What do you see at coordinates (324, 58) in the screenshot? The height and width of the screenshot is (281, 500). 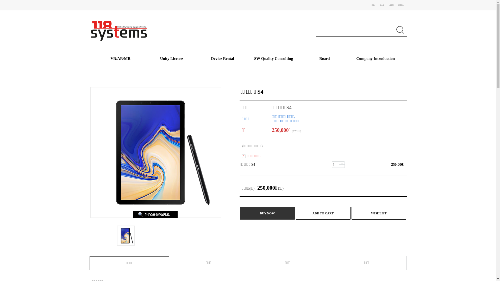 I see `'Board'` at bounding box center [324, 58].